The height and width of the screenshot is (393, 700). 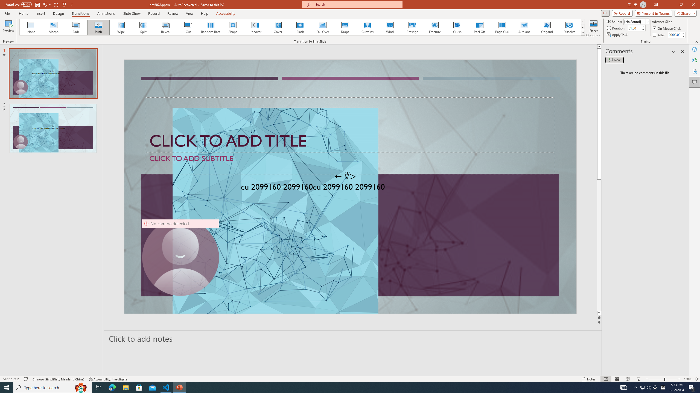 I want to click on 'Fade', so click(x=76, y=27).